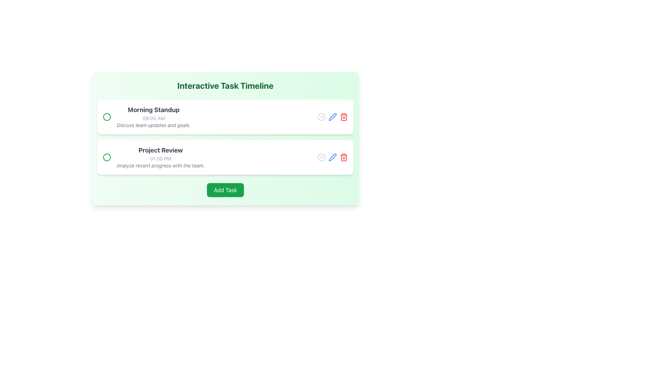  Describe the element at coordinates (332, 157) in the screenshot. I see `the blue pen icon button located to the right of the 'Morning Standup' task in the 'Interactive Task Timeline' interface to potentially see a tooltip` at that location.